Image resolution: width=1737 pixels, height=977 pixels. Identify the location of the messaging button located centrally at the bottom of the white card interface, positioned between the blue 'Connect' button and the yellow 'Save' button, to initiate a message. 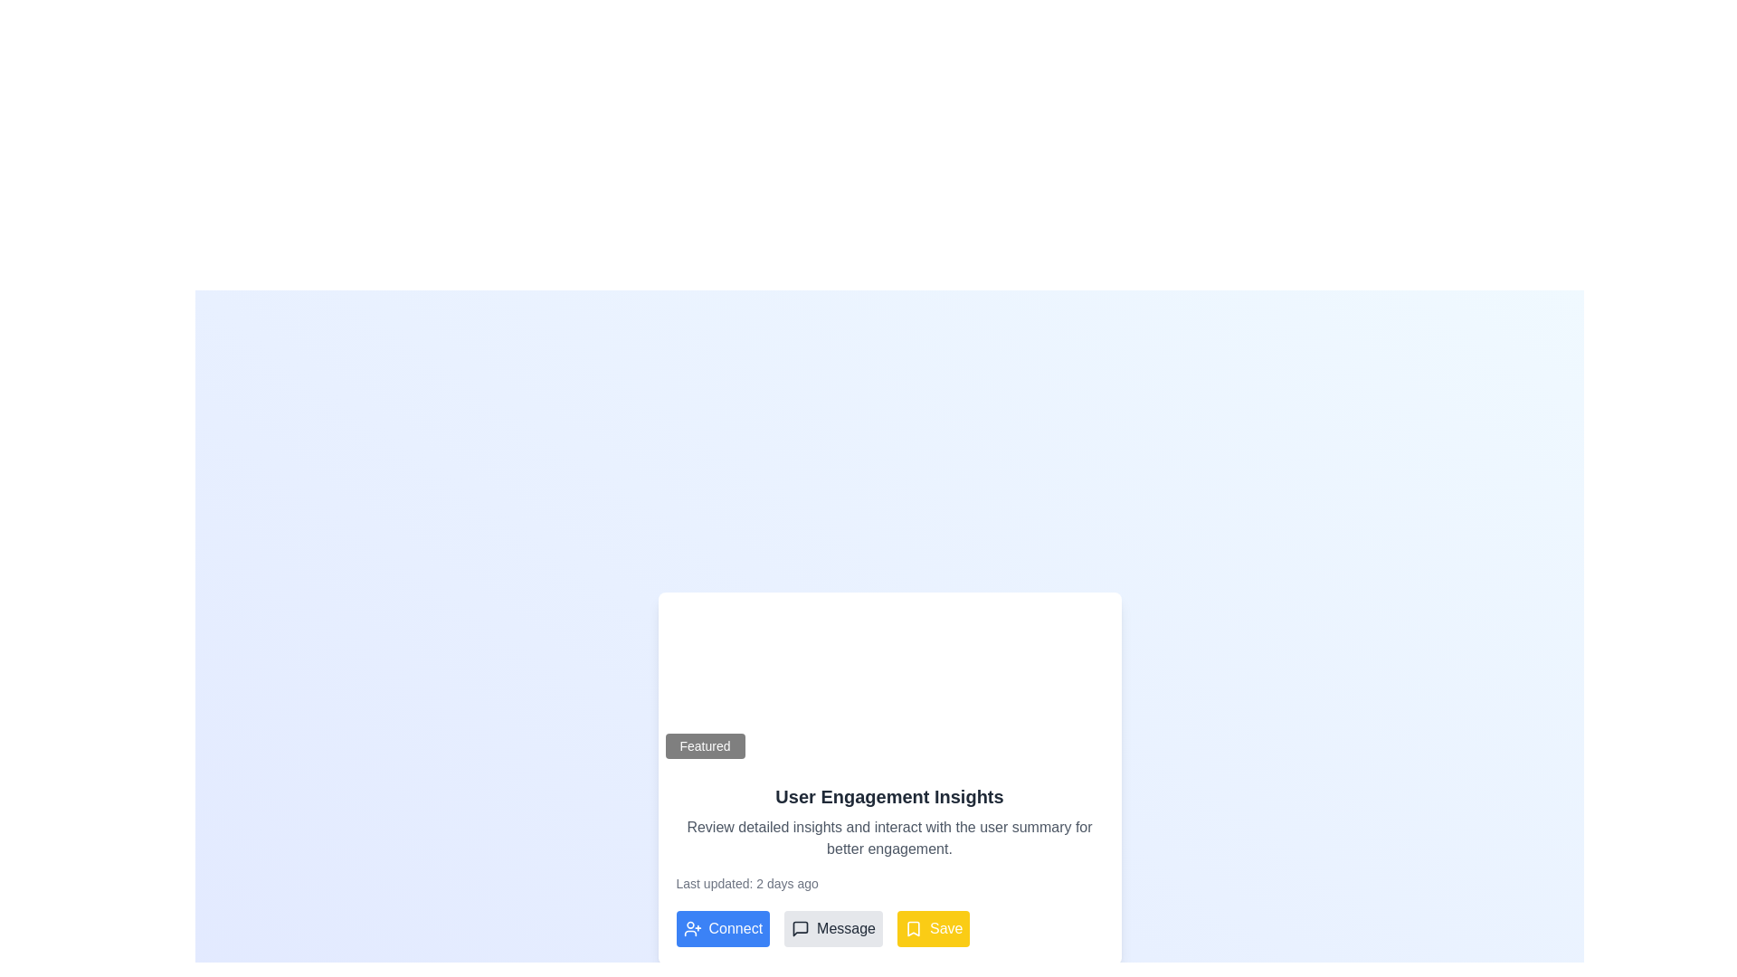
(832, 928).